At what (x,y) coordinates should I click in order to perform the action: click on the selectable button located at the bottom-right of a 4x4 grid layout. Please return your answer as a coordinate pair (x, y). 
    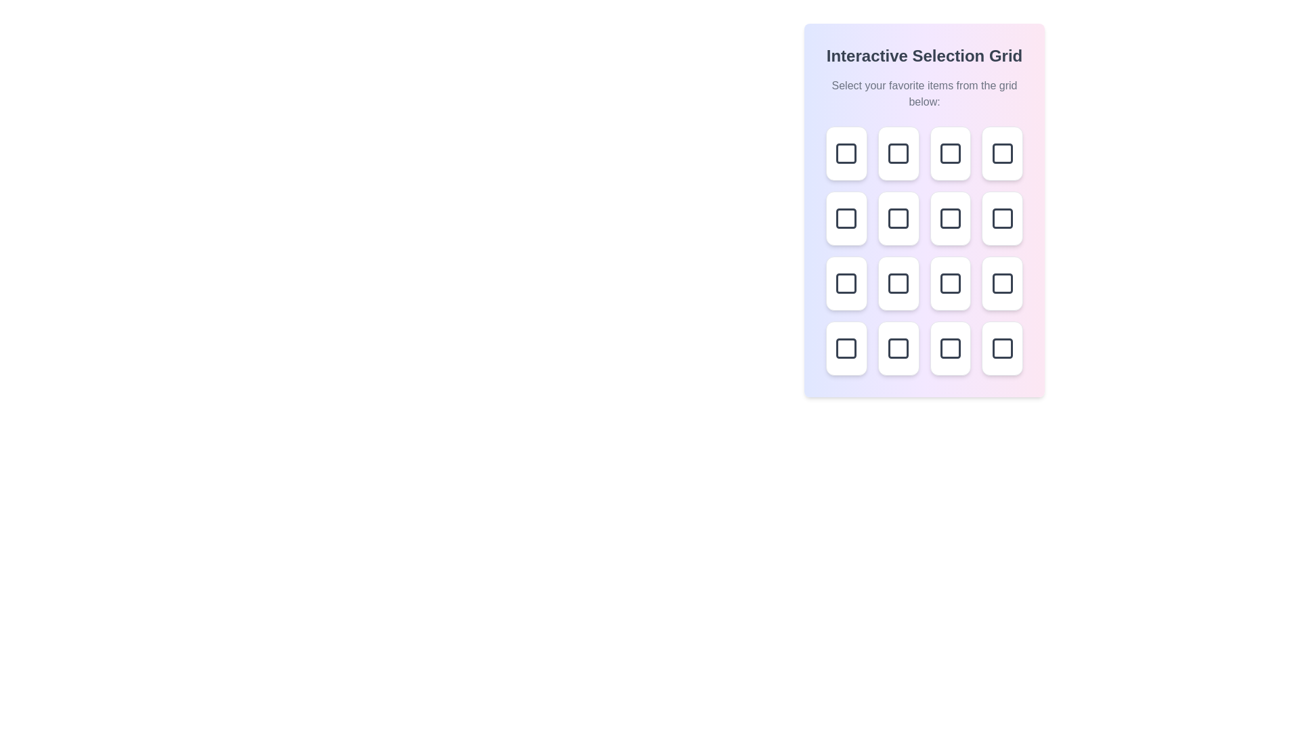
    Looking at the image, I should click on (1002, 348).